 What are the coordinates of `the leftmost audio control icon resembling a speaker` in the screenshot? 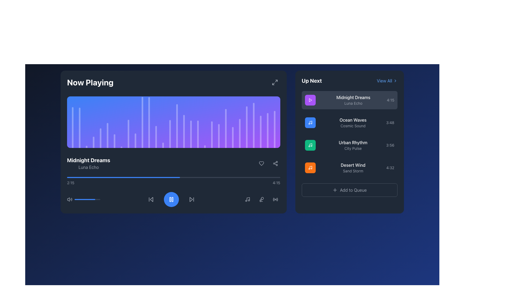 It's located at (68, 200).